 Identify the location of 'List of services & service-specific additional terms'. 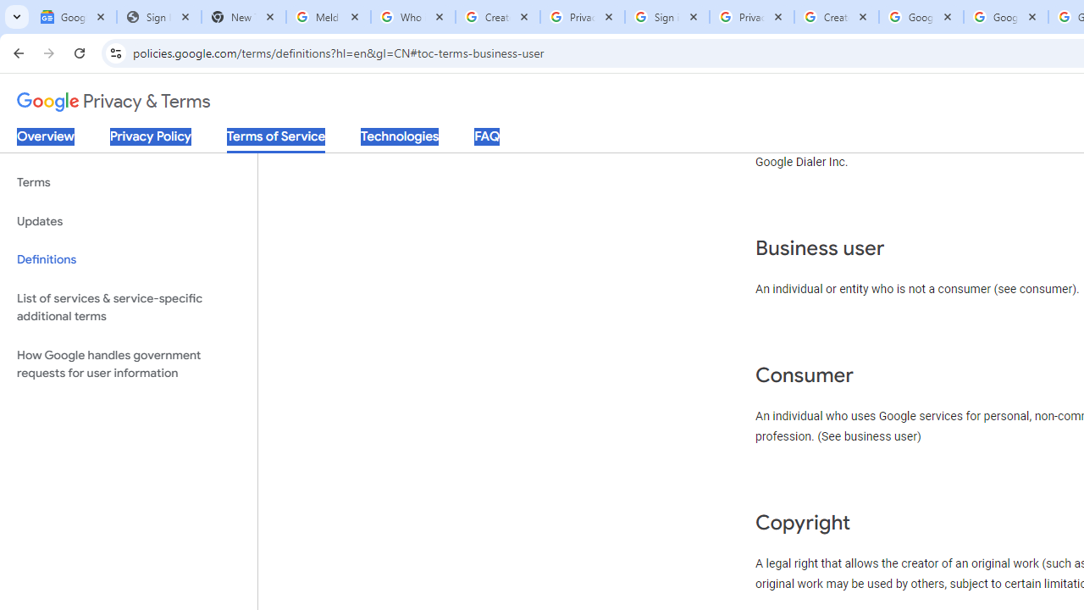
(128, 307).